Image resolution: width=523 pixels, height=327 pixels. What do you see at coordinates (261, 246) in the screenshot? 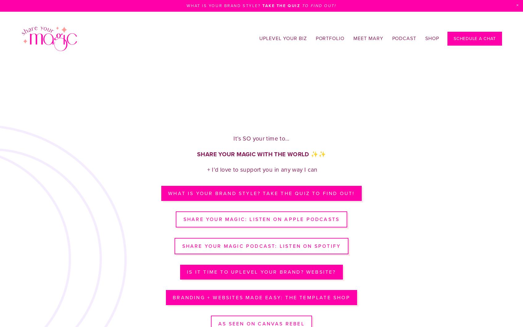
I see `'Share Your Magic Podcast: listen on spotify'` at bounding box center [261, 246].